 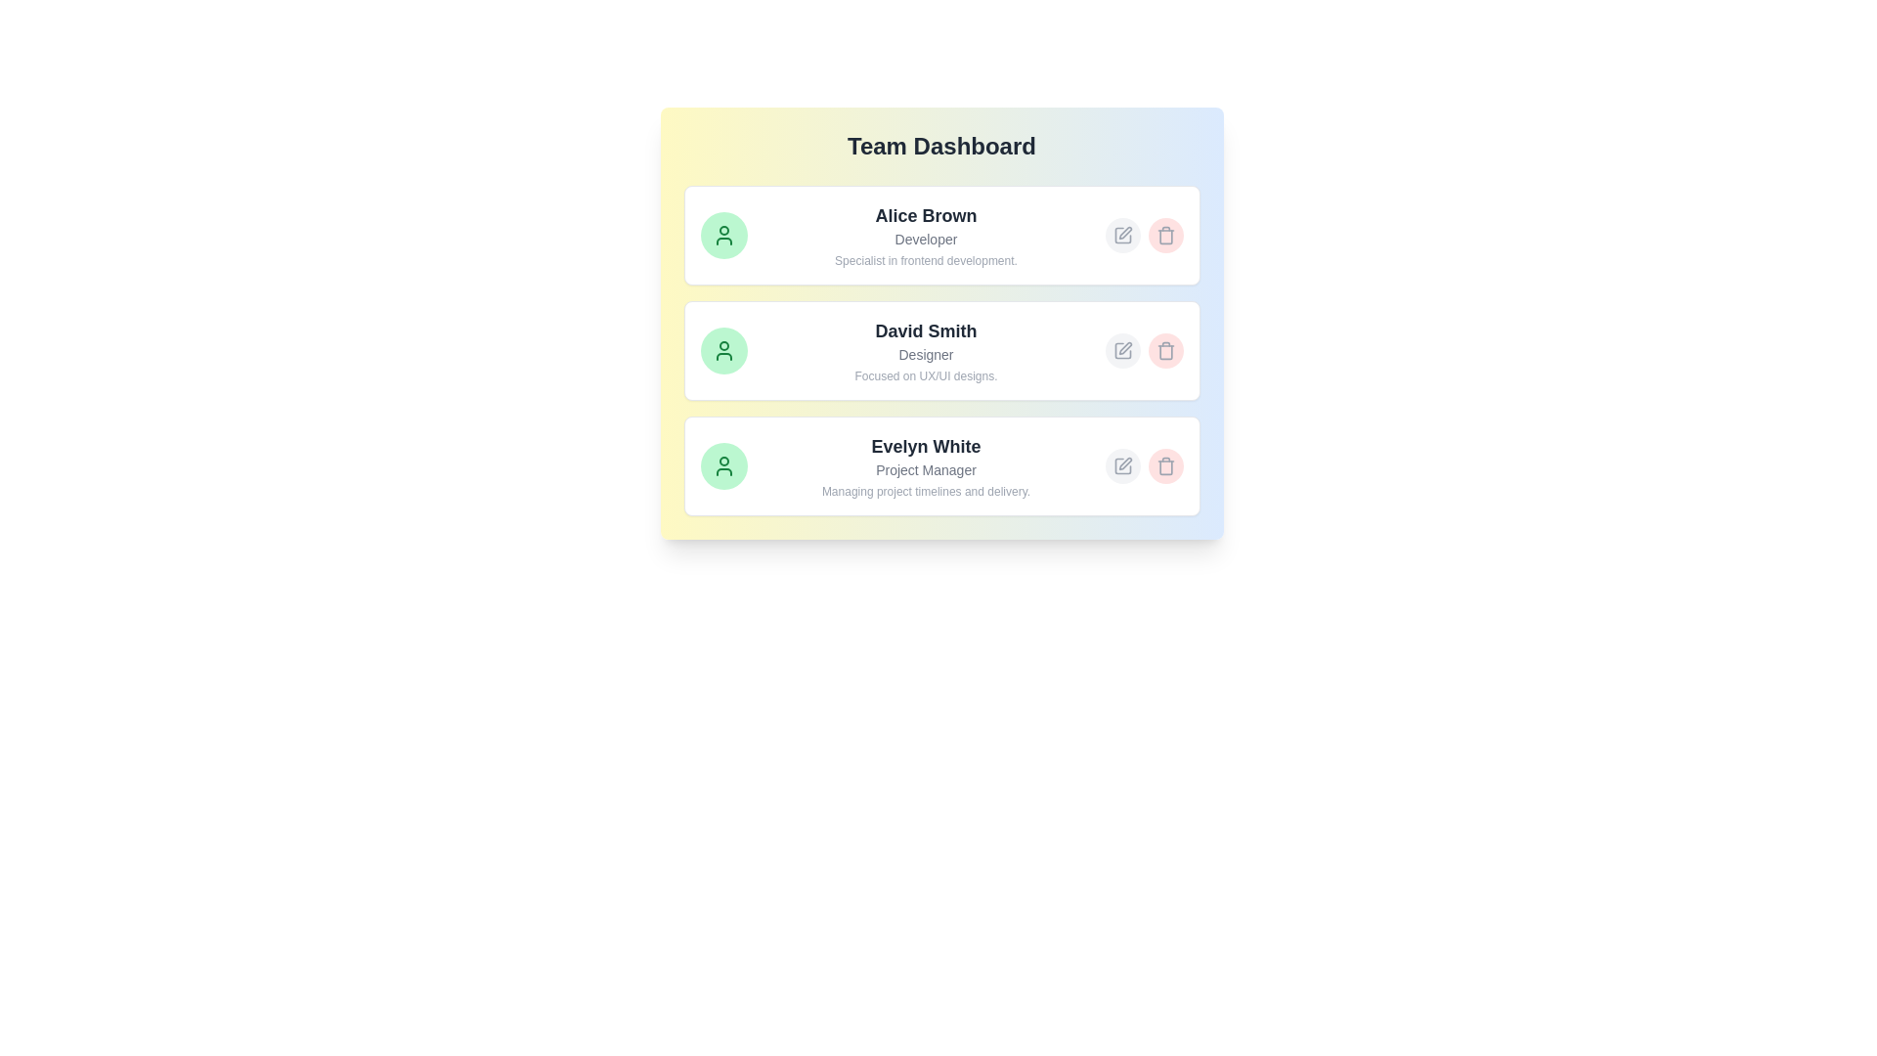 What do you see at coordinates (722, 234) in the screenshot?
I see `the profile icon representing Alice Brown, which is located to the left of her name on the first card in the team member list` at bounding box center [722, 234].